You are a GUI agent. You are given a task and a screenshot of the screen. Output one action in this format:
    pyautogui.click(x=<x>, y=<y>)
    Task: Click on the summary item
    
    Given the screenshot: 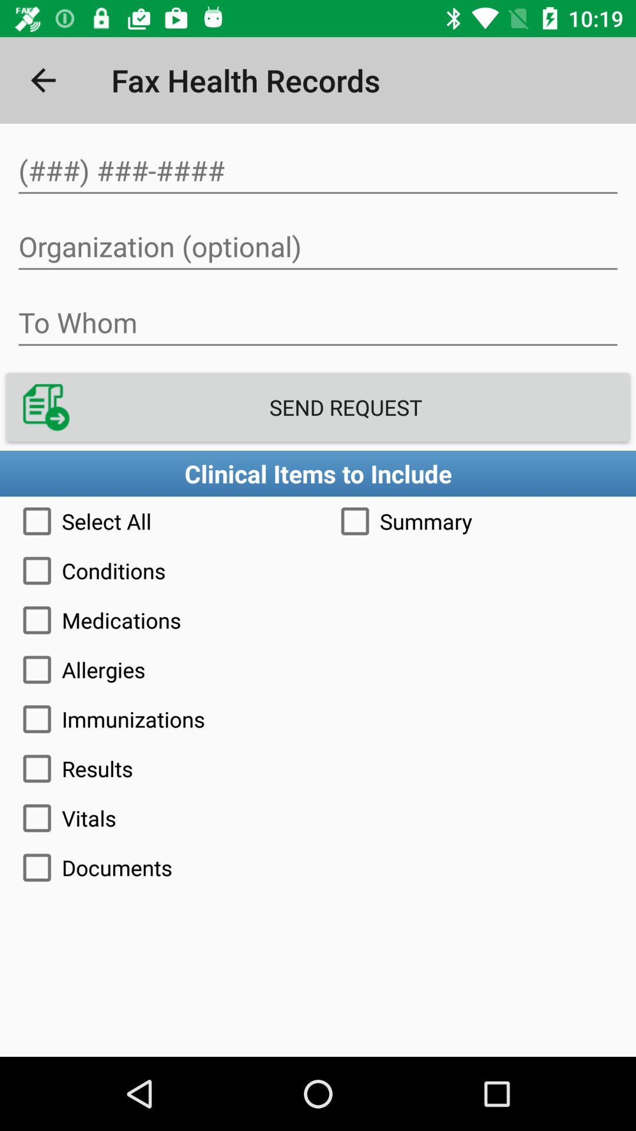 What is the action you would take?
    pyautogui.click(x=477, y=520)
    